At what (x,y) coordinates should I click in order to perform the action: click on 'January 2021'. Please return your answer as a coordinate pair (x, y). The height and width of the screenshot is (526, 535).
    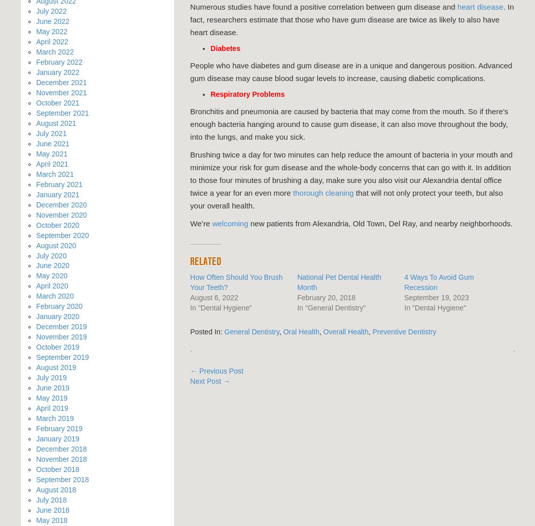
    Looking at the image, I should click on (57, 194).